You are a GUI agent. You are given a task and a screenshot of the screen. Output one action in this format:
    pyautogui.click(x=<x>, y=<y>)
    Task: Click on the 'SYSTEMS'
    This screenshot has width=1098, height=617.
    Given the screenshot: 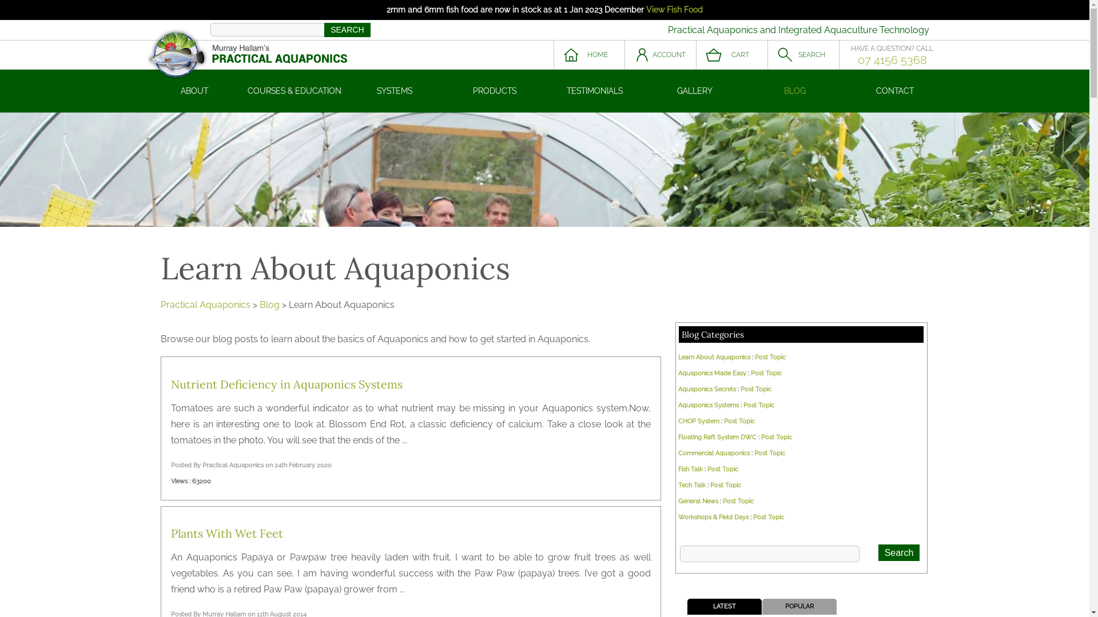 What is the action you would take?
    pyautogui.click(x=394, y=90)
    